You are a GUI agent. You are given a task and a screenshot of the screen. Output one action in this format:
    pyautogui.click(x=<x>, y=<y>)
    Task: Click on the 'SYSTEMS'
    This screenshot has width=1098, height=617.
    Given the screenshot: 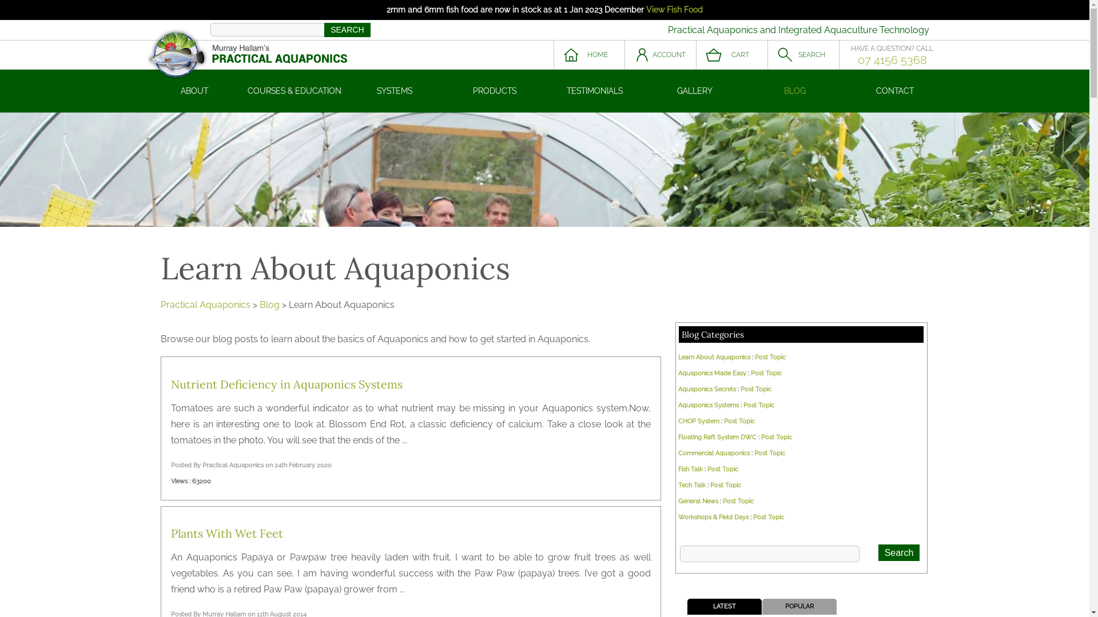 What is the action you would take?
    pyautogui.click(x=394, y=90)
    